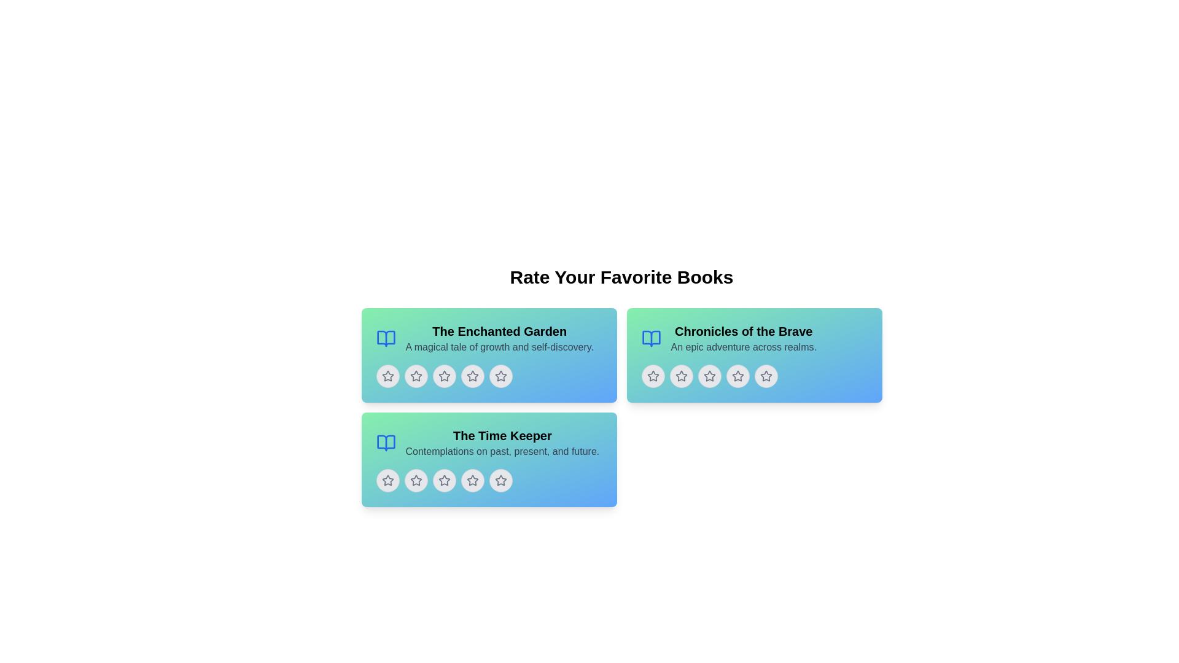  What do you see at coordinates (502, 435) in the screenshot?
I see `the card containing the bold text 'The Time Keeper', which is positioned in the lower-left of the grid layout` at bounding box center [502, 435].